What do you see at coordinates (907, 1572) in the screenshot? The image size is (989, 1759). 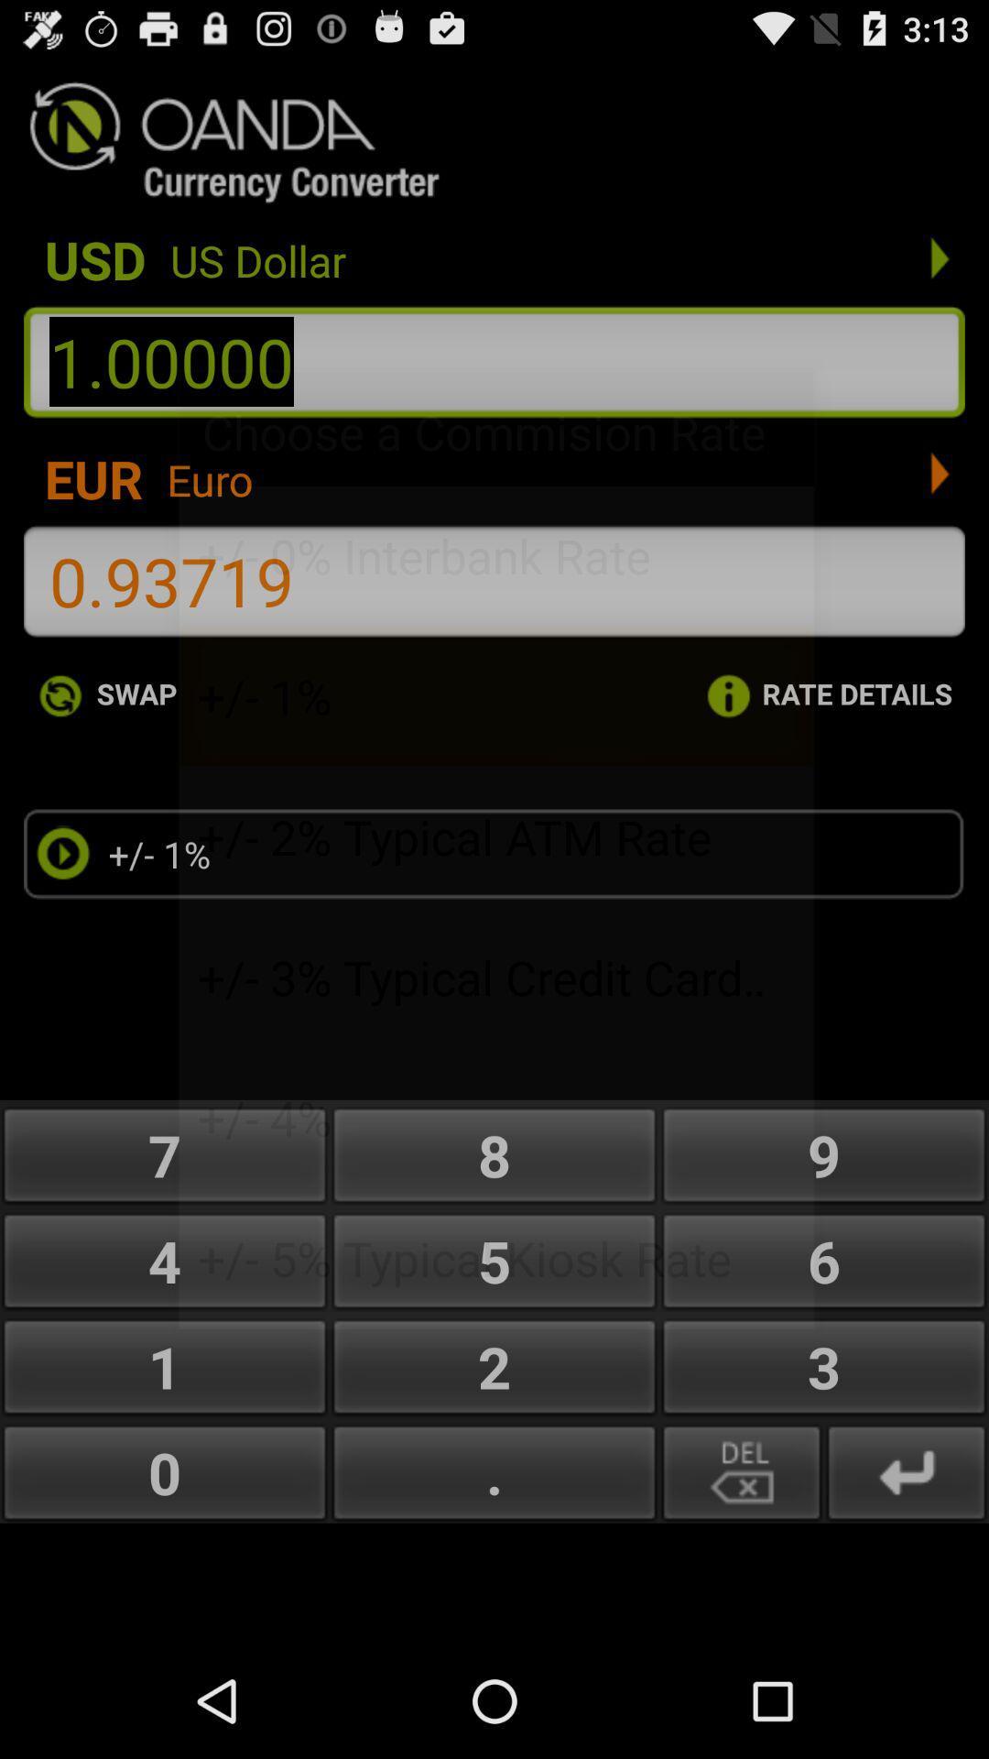 I see `the arrow_backward icon` at bounding box center [907, 1572].